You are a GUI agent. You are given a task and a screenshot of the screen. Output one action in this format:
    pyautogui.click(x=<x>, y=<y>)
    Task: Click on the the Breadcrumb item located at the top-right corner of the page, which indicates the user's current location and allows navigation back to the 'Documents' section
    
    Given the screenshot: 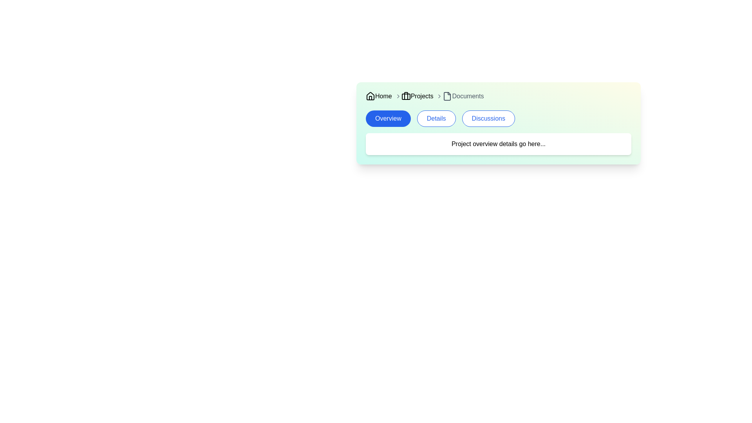 What is the action you would take?
    pyautogui.click(x=460, y=96)
    